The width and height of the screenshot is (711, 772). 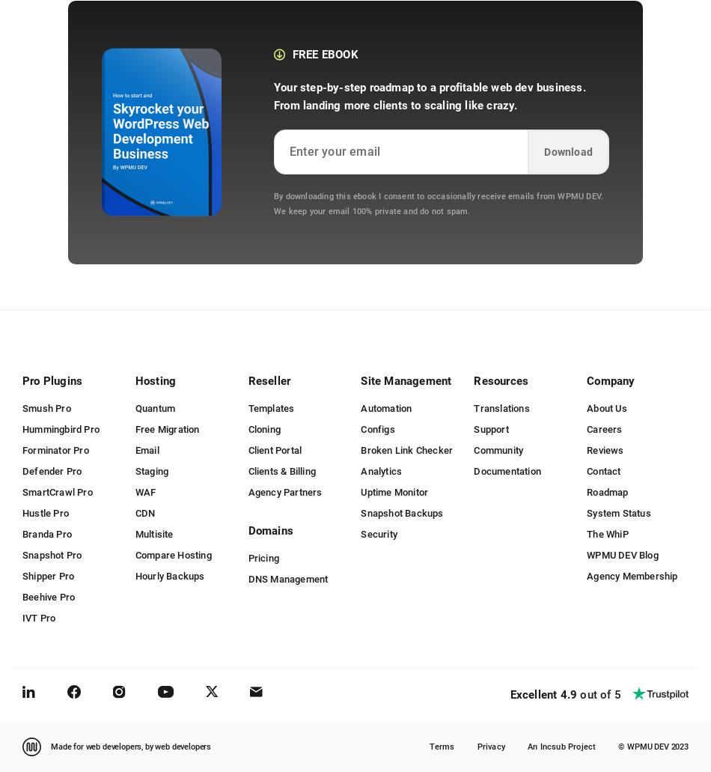 I want to click on 'Roadmap', so click(x=606, y=491).